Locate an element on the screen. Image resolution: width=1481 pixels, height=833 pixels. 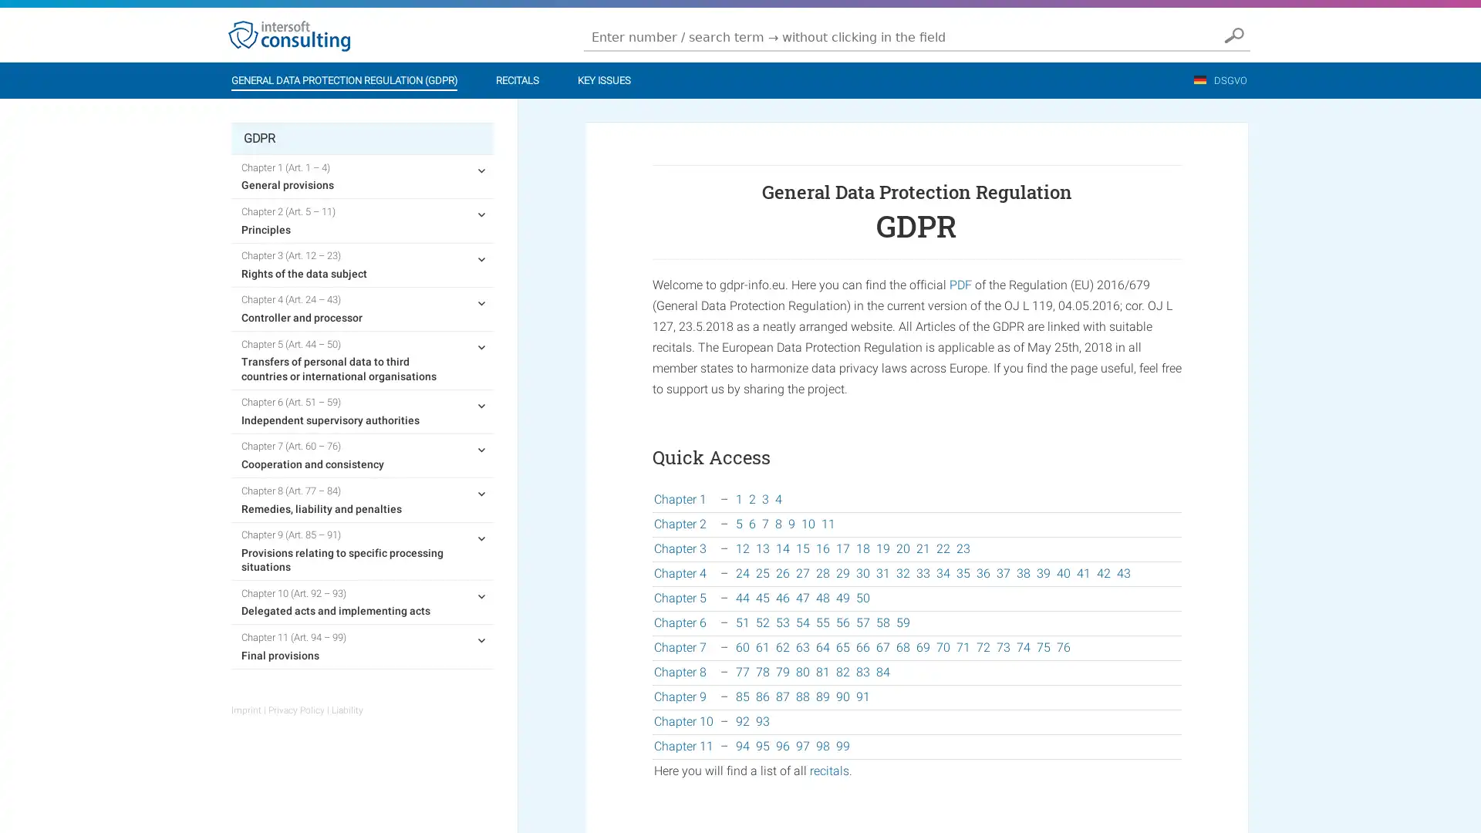
expand child menu is located at coordinates (481, 258).